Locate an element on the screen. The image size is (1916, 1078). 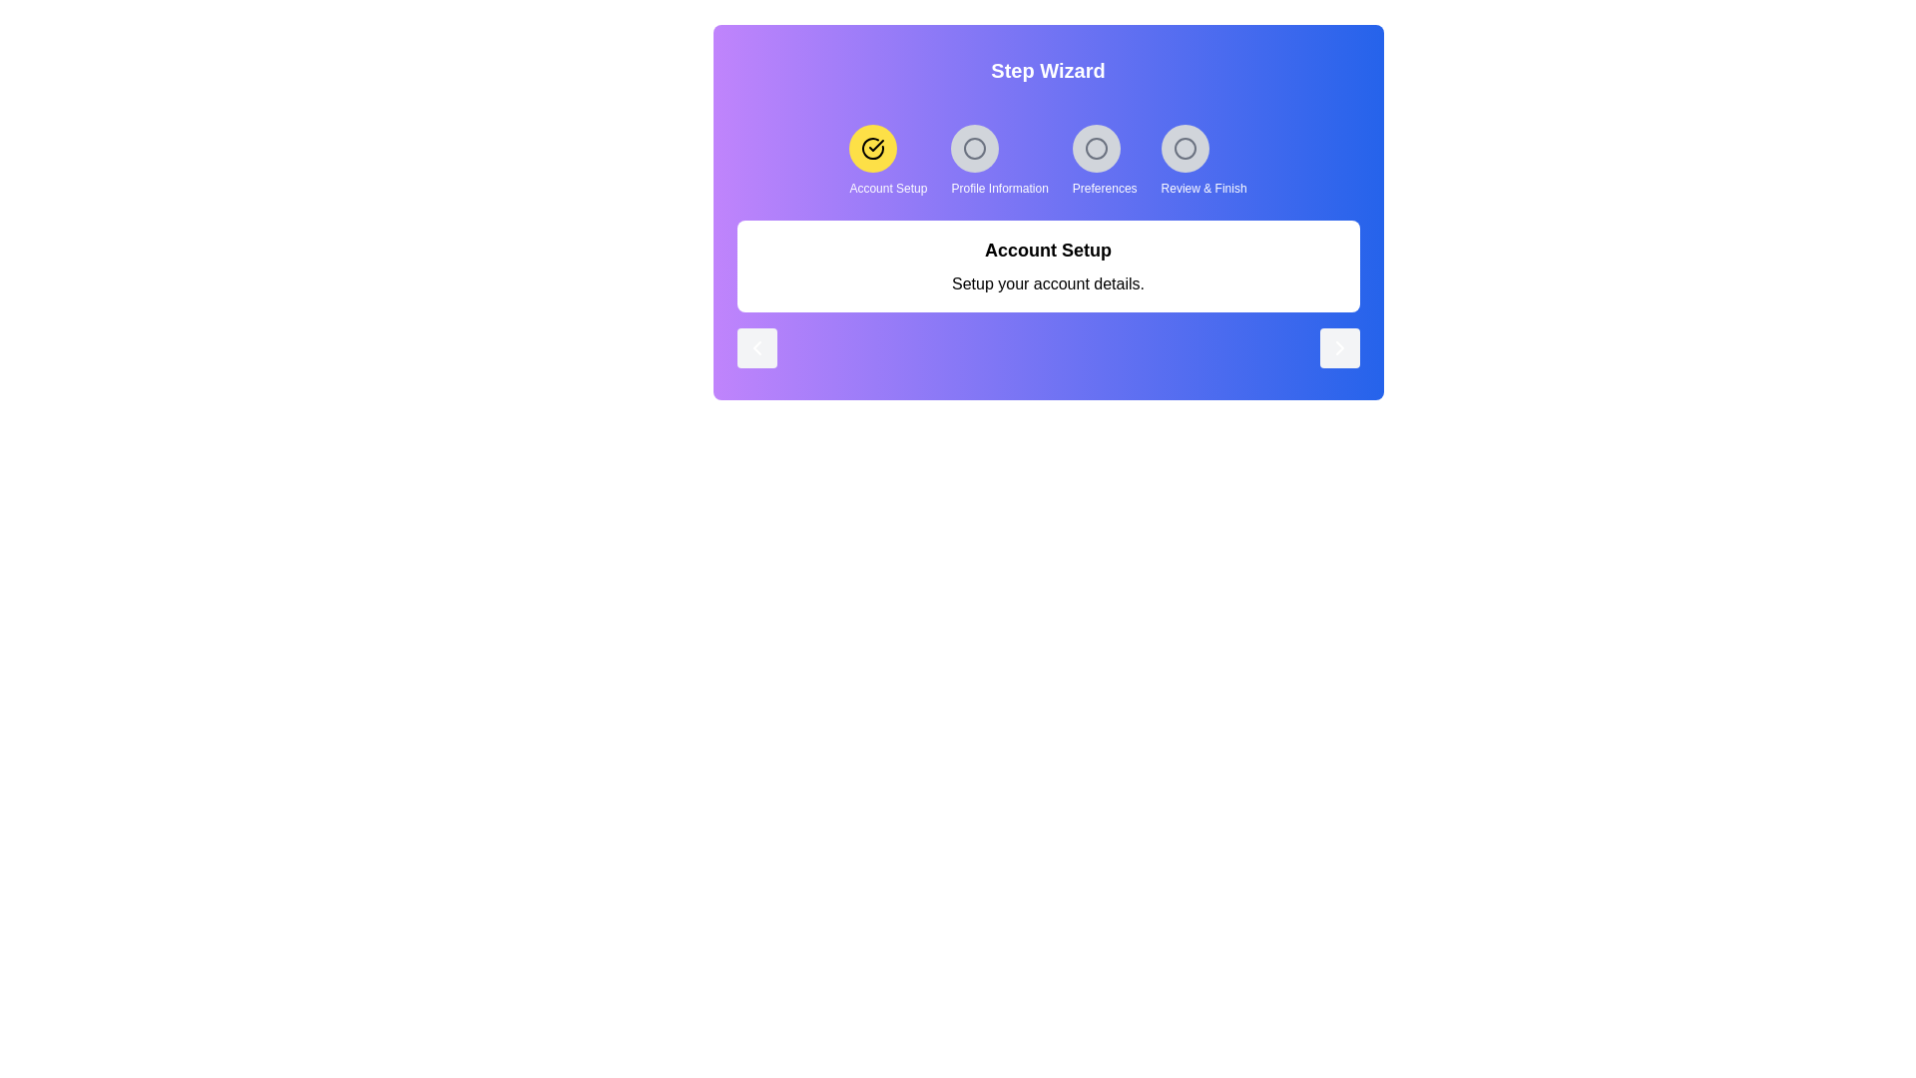
the 'Back' button to navigate to the previous step is located at coordinates (755, 346).